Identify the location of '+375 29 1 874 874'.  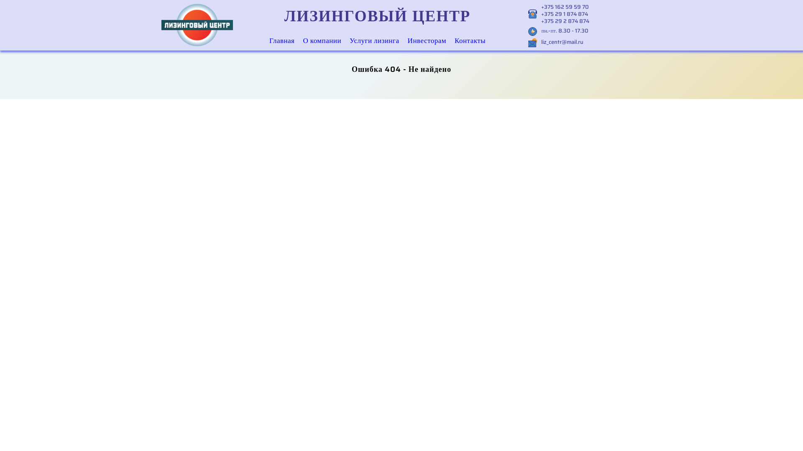
(565, 14).